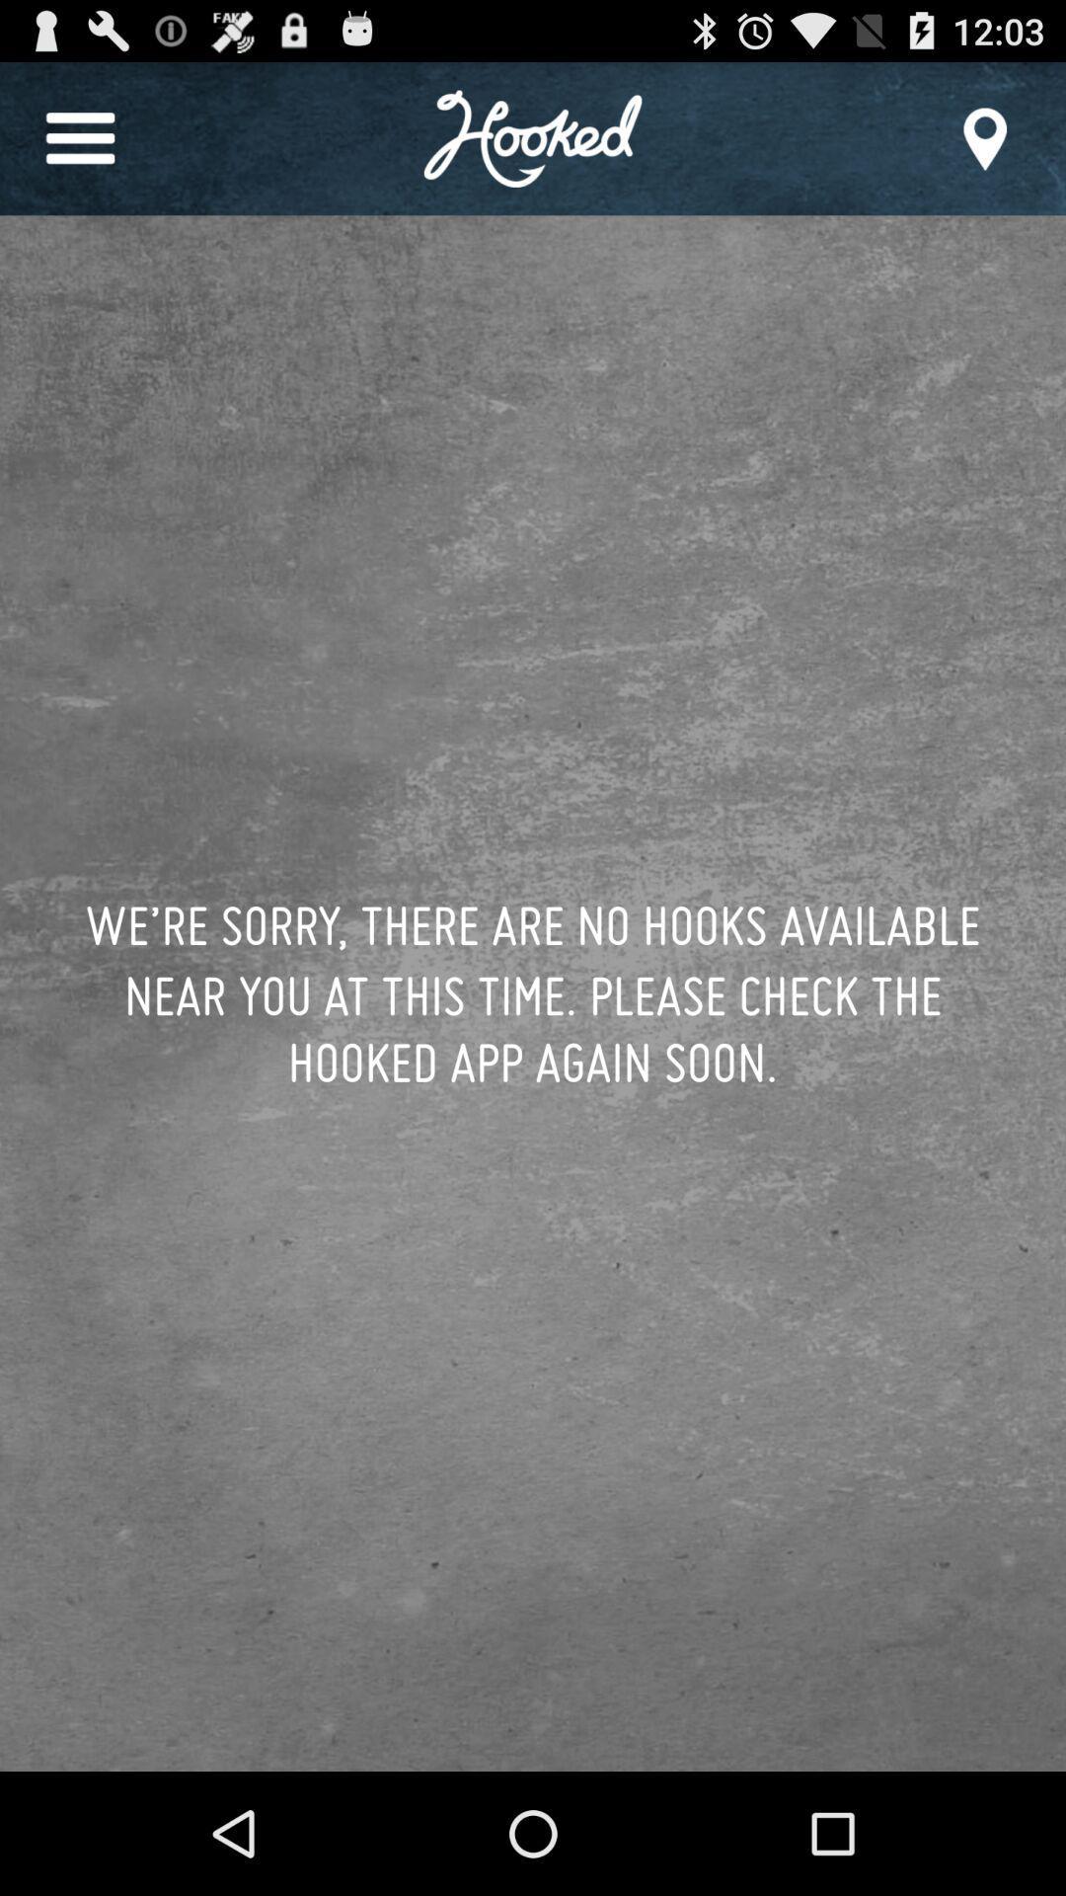  Describe the element at coordinates (985, 137) in the screenshot. I see `the item at the top right corner` at that location.